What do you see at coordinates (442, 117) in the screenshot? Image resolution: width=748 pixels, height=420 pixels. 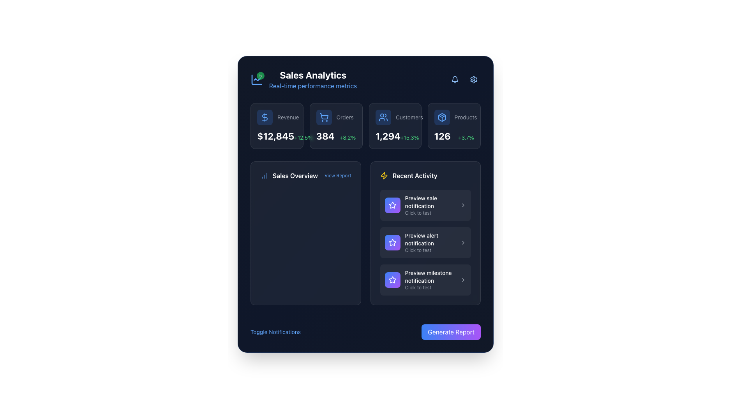 I see `the small rounded square button with a blue outline and semi-transparent blue background that contains a white package icon, located in the 'Products' section of the interface` at bounding box center [442, 117].